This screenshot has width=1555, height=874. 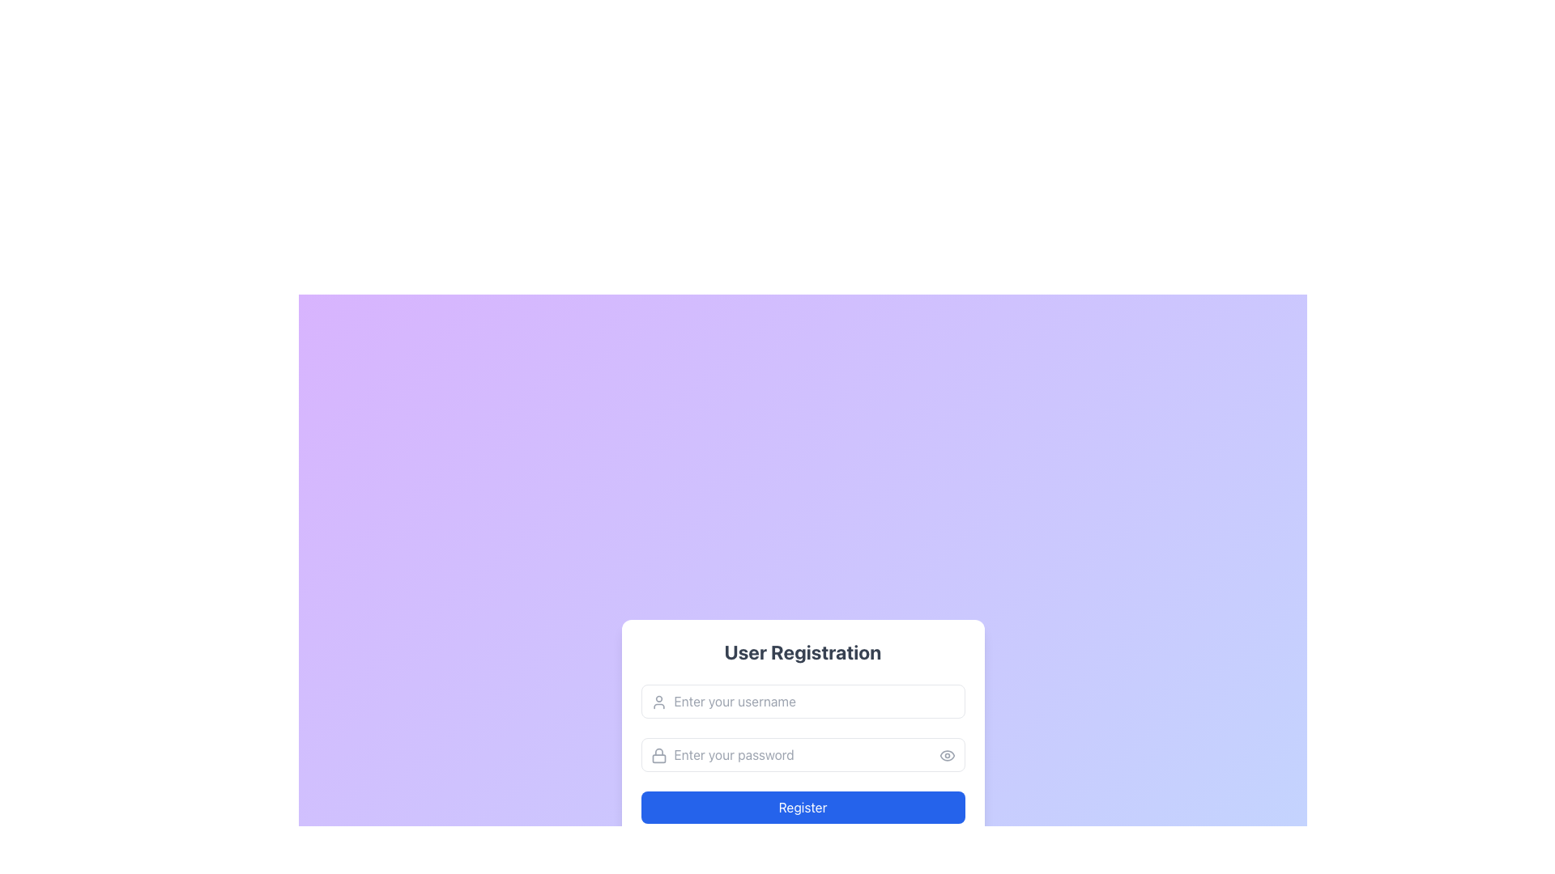 I want to click on the button located at the top-right corner of the password input field in the 'User Registration' form, so click(x=947, y=755).